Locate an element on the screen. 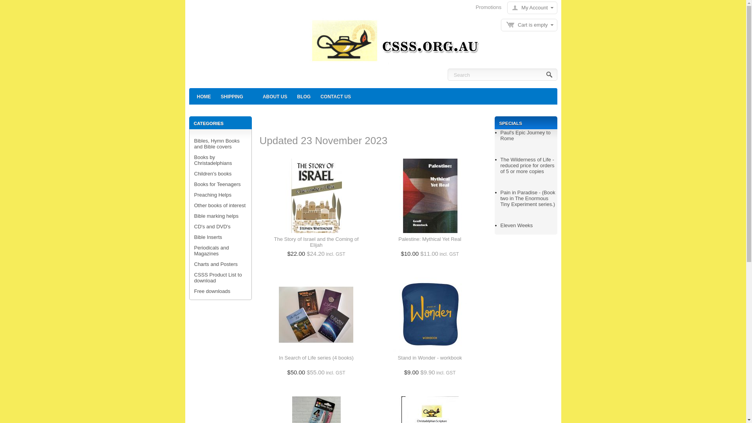 Image resolution: width=752 pixels, height=423 pixels. 'Charts and Posters' is located at coordinates (216, 264).